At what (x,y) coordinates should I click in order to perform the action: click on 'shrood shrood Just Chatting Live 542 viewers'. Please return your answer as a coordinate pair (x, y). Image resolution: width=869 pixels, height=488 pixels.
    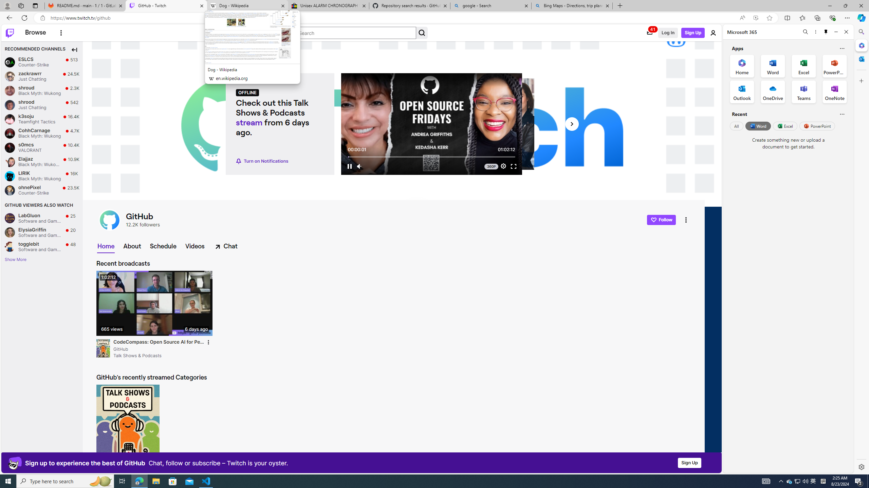
    Looking at the image, I should click on (42, 105).